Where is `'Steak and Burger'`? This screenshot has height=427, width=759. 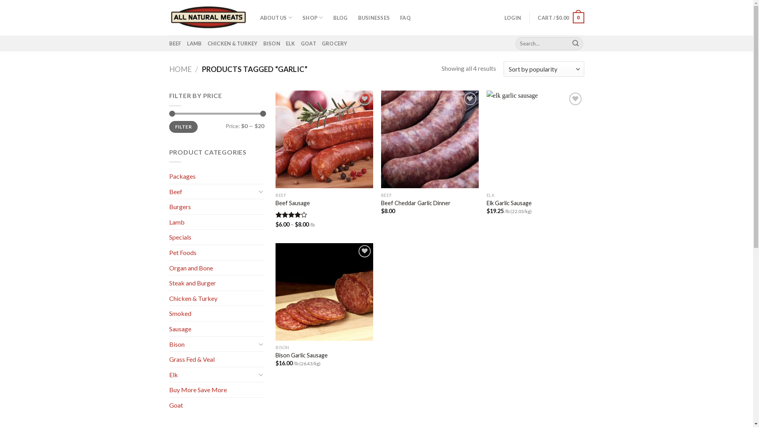 'Steak and Burger' is located at coordinates (216, 283).